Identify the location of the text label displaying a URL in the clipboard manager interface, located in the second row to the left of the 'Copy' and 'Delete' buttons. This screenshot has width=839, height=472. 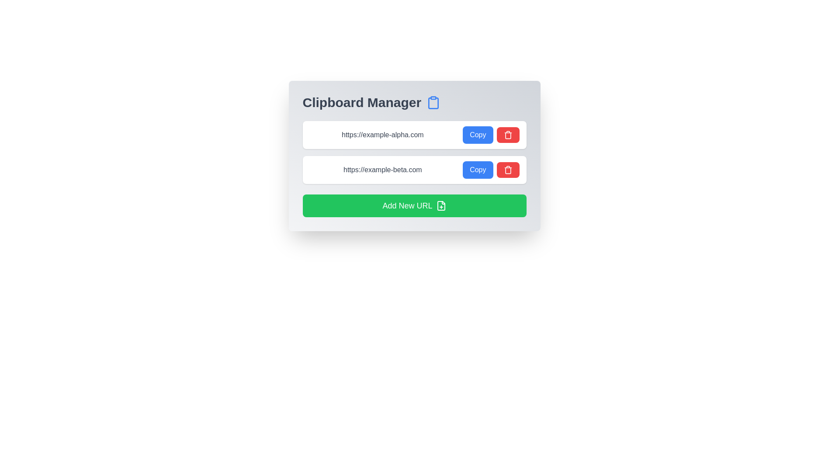
(382, 170).